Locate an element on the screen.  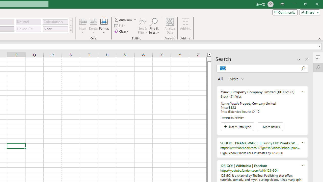
'Neutral' is located at coordinates (28, 21).